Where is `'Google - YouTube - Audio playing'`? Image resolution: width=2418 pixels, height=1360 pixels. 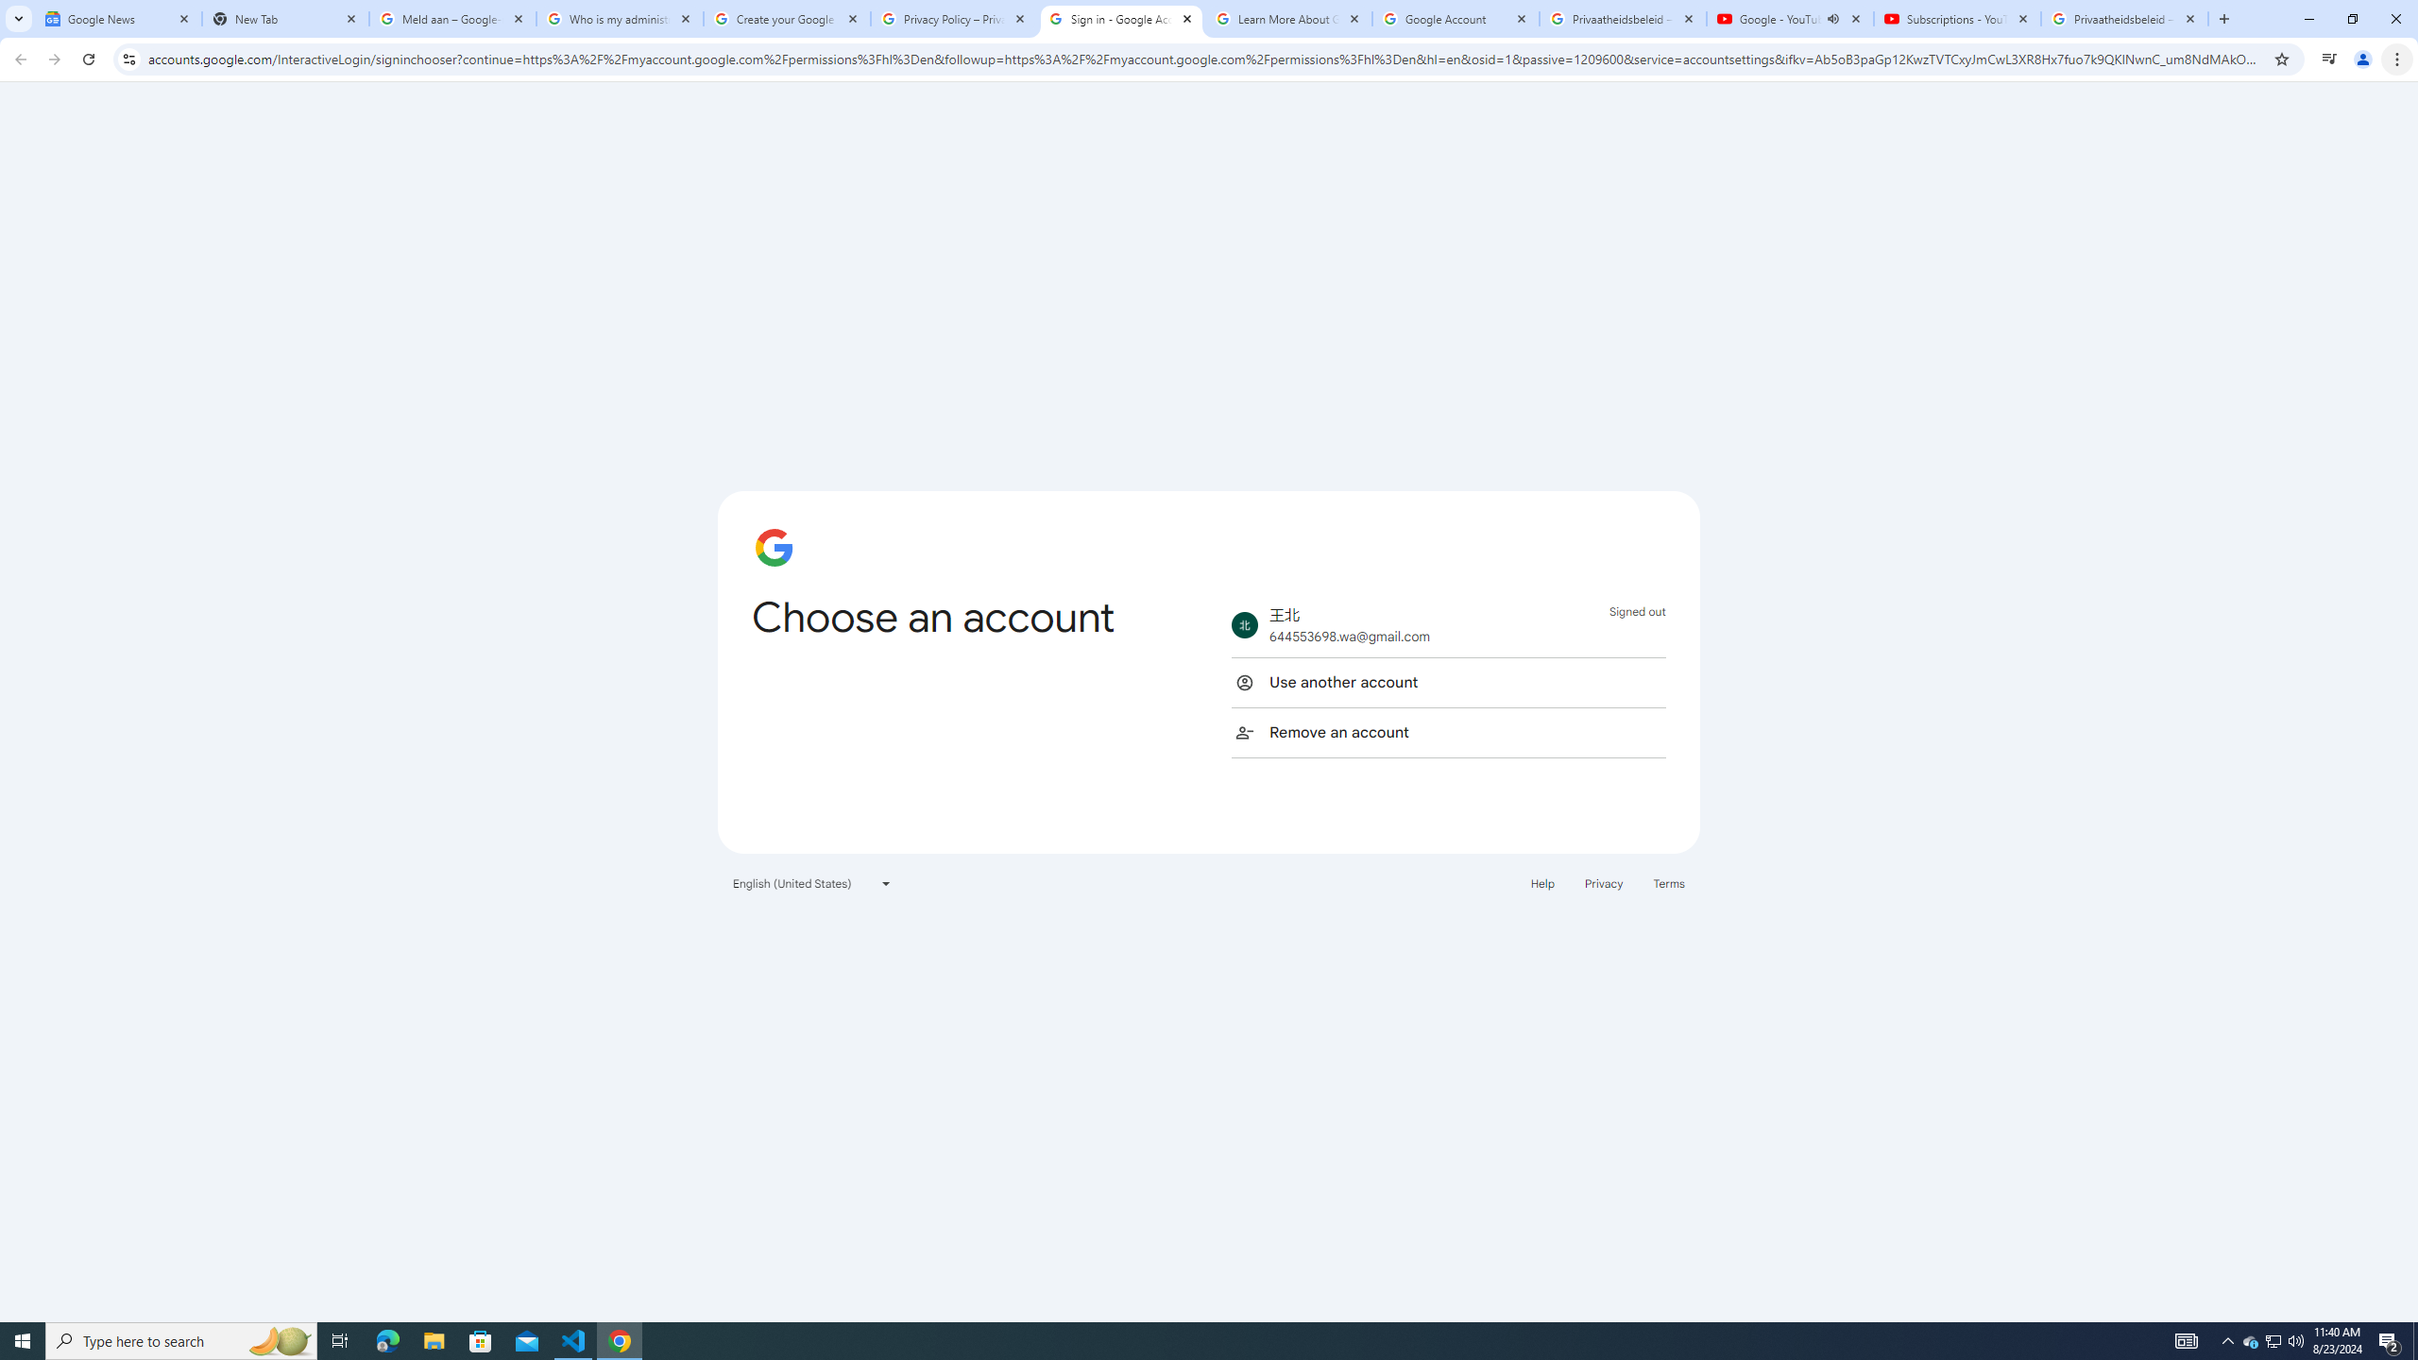 'Google - YouTube - Audio playing' is located at coordinates (1790, 18).